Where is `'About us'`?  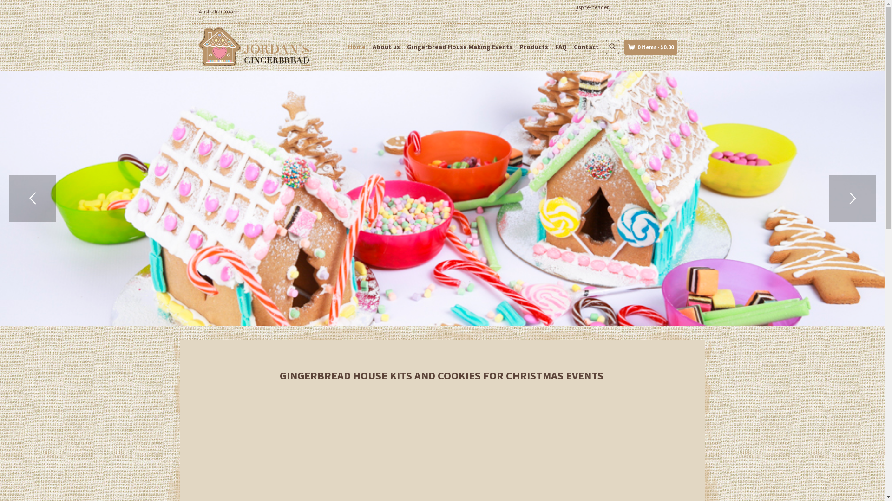 'About us' is located at coordinates (386, 46).